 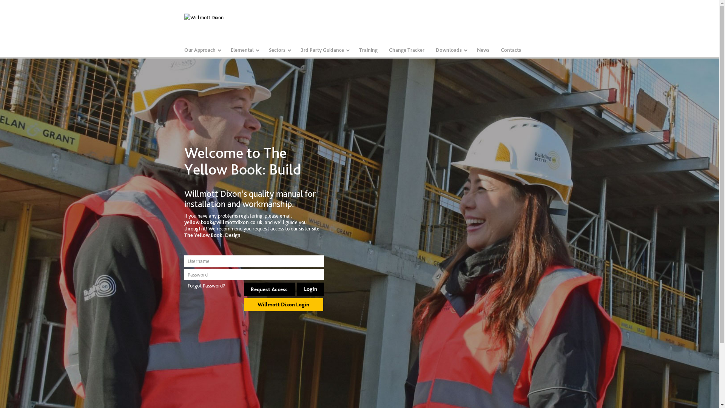 I want to click on 'Downloads', so click(x=450, y=50).